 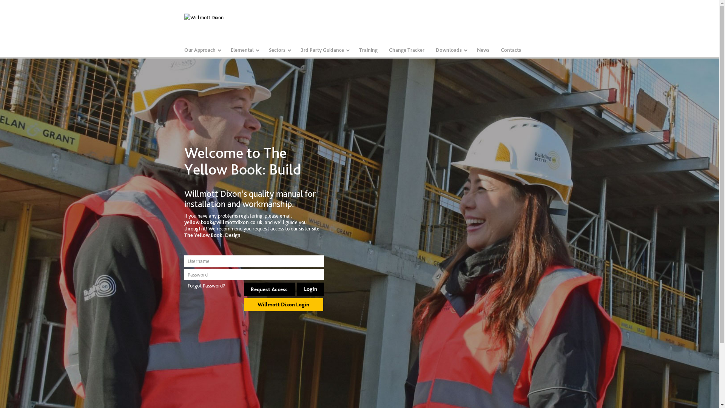 I want to click on 'Downloads', so click(x=450, y=50).